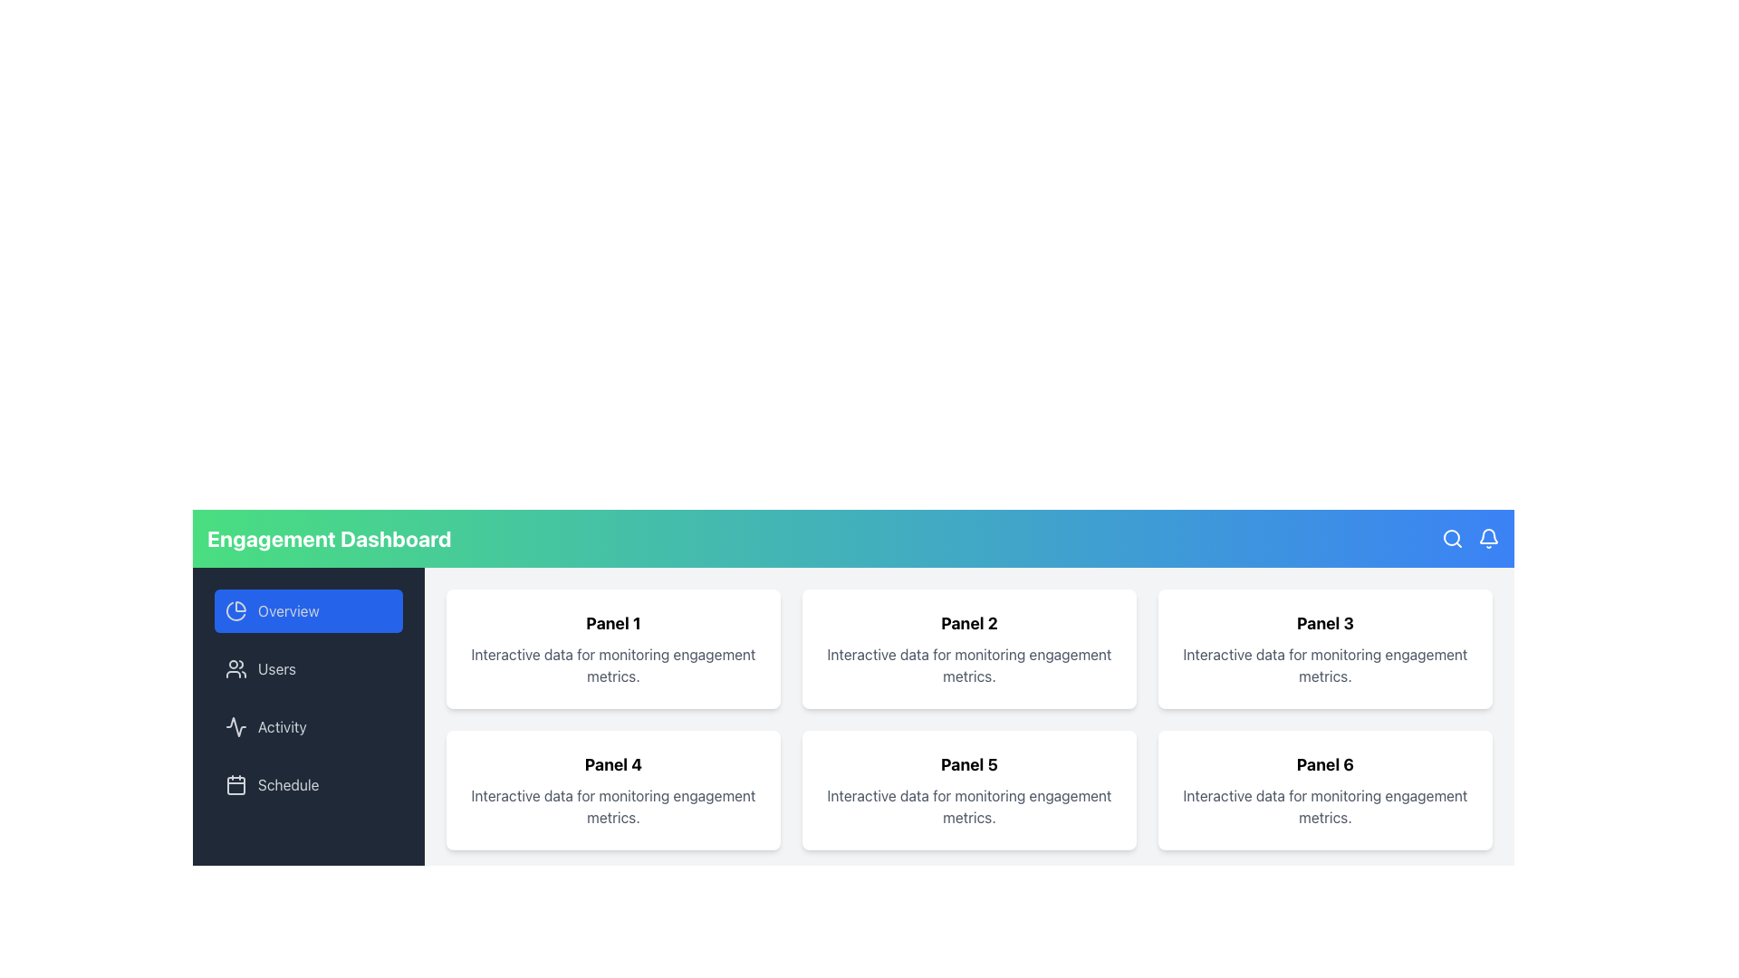 The image size is (1739, 978). Describe the element at coordinates (235, 725) in the screenshot. I see `the 'Activity' icon located in the third position of the vertical alignment in the left sidebar menu, representing the corresponding section of the application` at that location.